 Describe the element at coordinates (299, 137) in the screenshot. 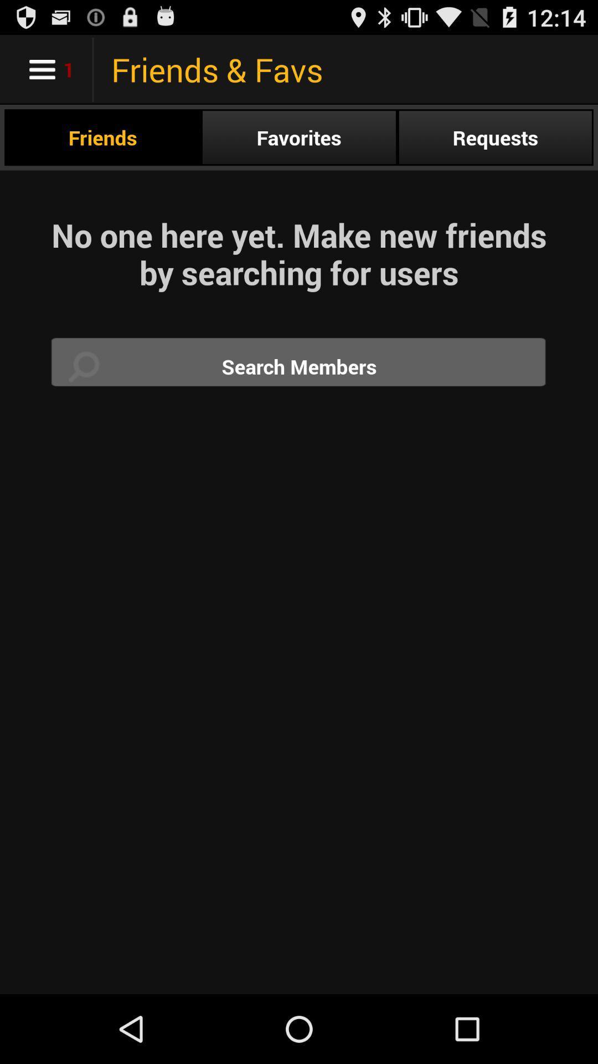

I see `the app below friends & favs icon` at that location.